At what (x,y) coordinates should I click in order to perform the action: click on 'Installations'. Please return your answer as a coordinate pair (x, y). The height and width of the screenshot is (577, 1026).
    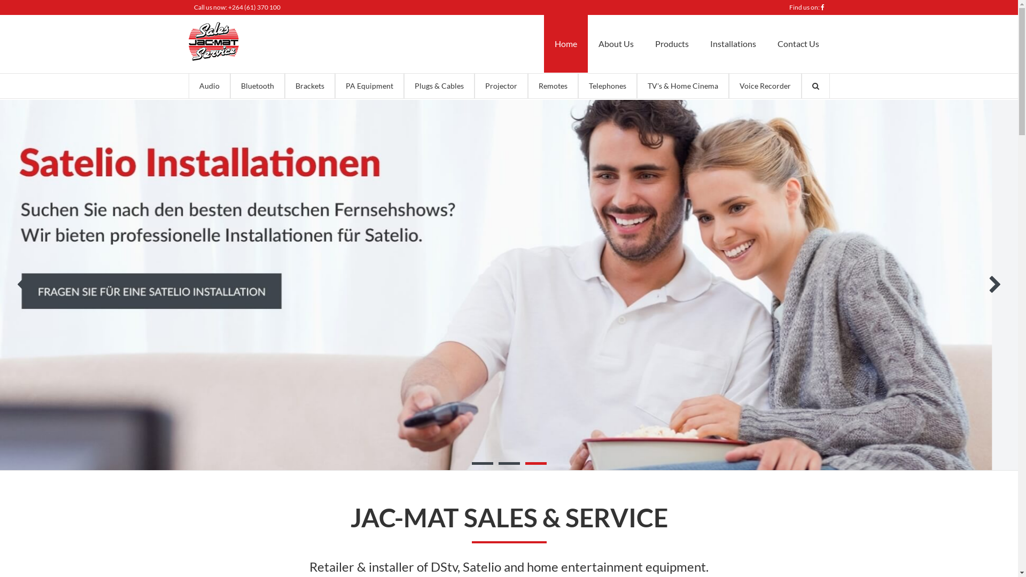
    Looking at the image, I should click on (732, 43).